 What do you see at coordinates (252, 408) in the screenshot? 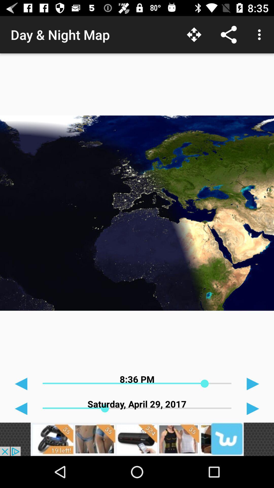
I see `the play icon` at bounding box center [252, 408].